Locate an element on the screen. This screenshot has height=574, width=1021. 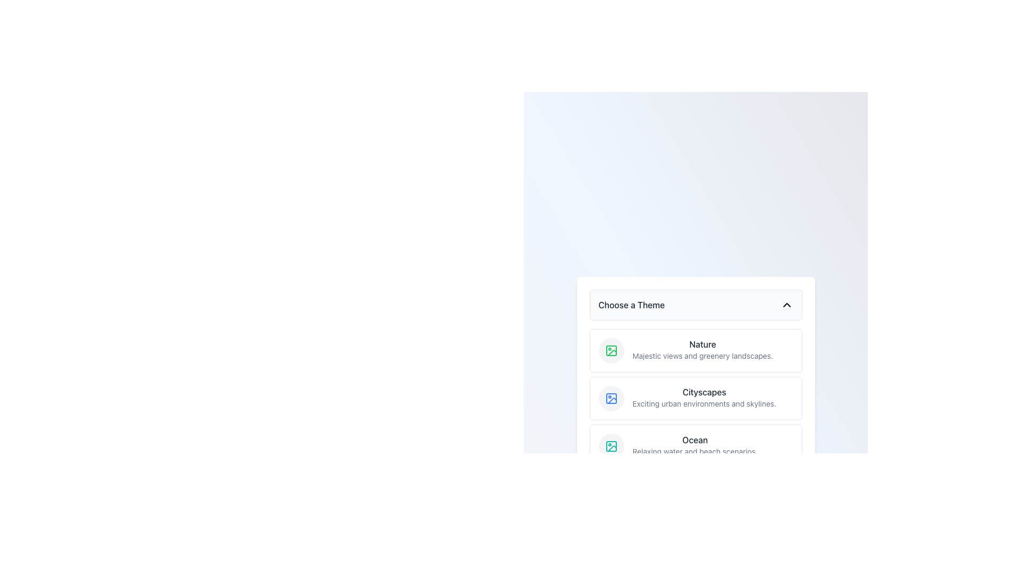
the 'Cityscapes' category in the text block that includes the description 'Exciting urban environments and skylines.' positioned between the 'Nature' and 'Ocean' categories is located at coordinates (704, 398).